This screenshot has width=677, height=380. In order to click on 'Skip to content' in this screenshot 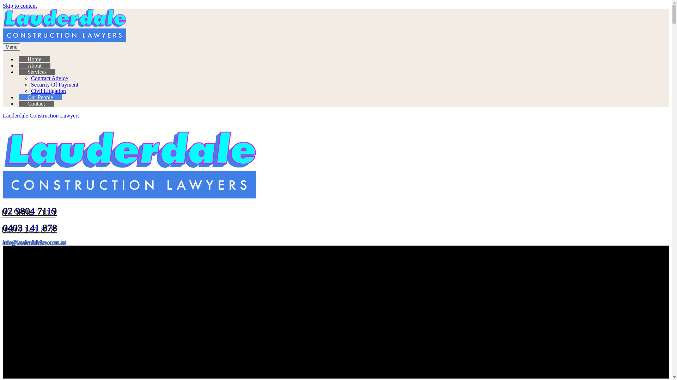, I will do `click(20, 6)`.